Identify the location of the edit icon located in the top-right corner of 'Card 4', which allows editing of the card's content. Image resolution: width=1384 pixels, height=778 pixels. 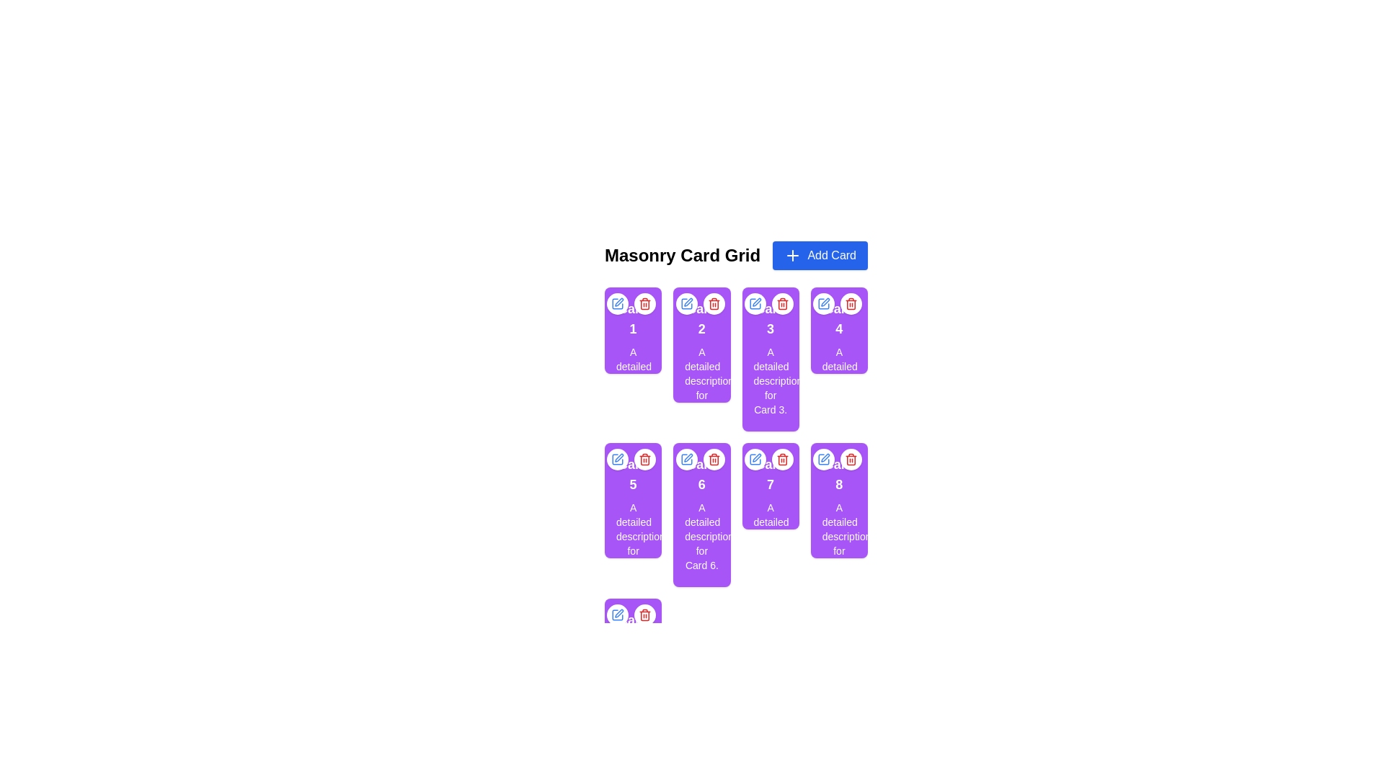
(837, 303).